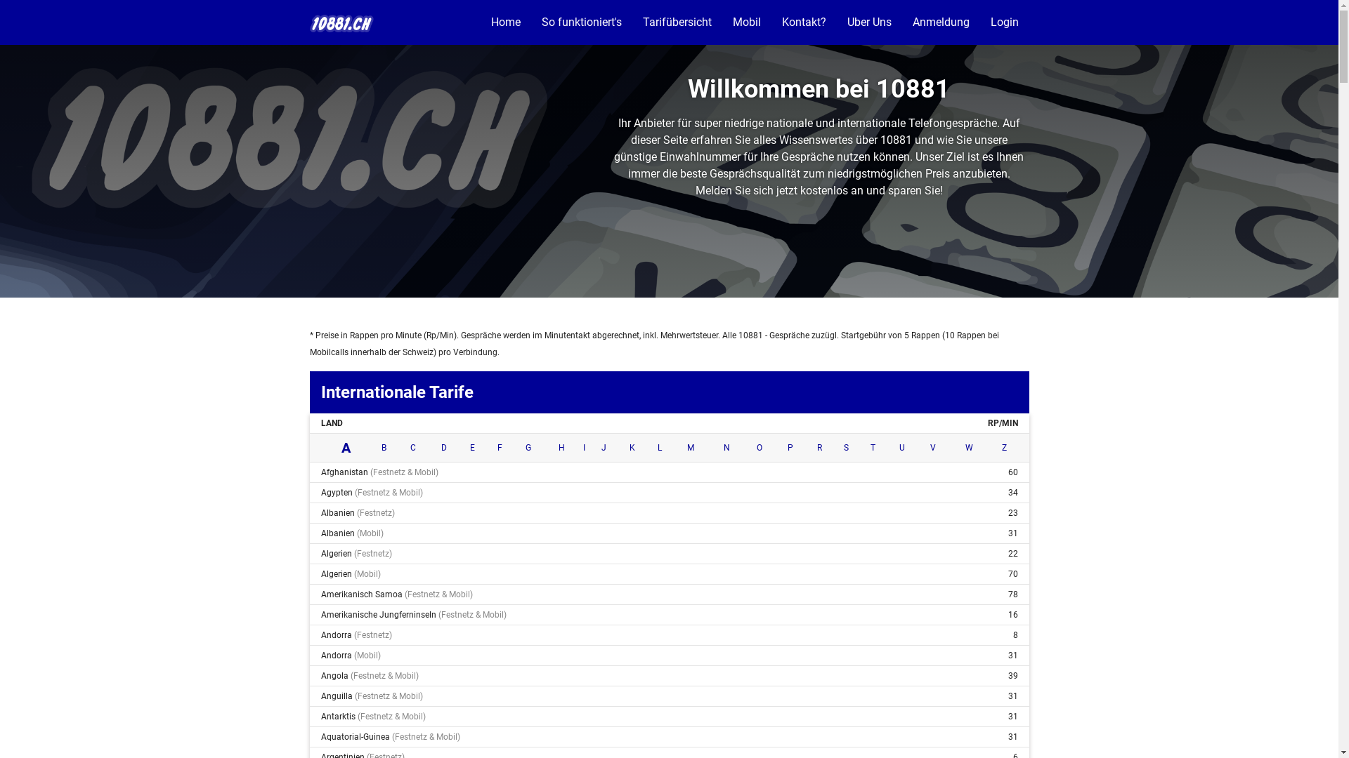  What do you see at coordinates (755, 447) in the screenshot?
I see `'O'` at bounding box center [755, 447].